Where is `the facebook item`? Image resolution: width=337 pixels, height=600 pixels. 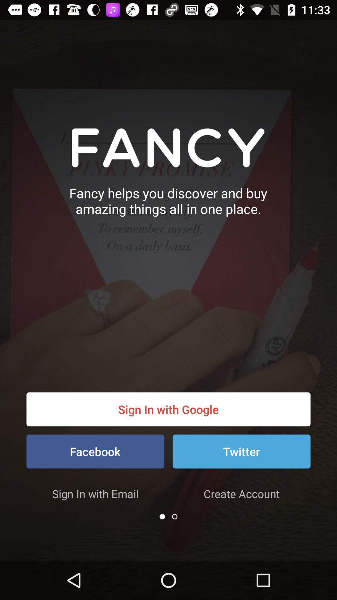 the facebook item is located at coordinates (95, 451).